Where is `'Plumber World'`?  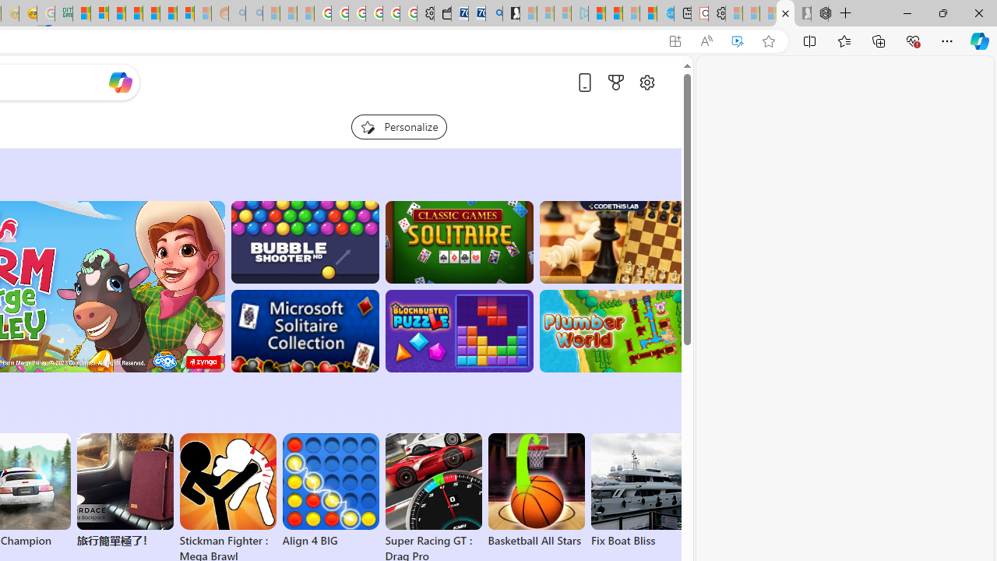 'Plumber World' is located at coordinates (612, 330).